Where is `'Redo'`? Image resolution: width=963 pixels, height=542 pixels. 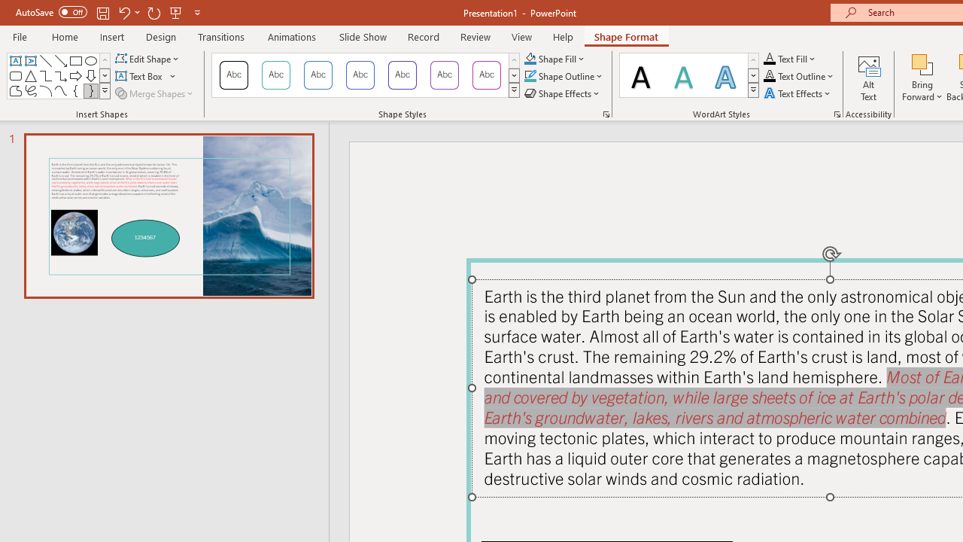 'Redo' is located at coordinates (153, 12).